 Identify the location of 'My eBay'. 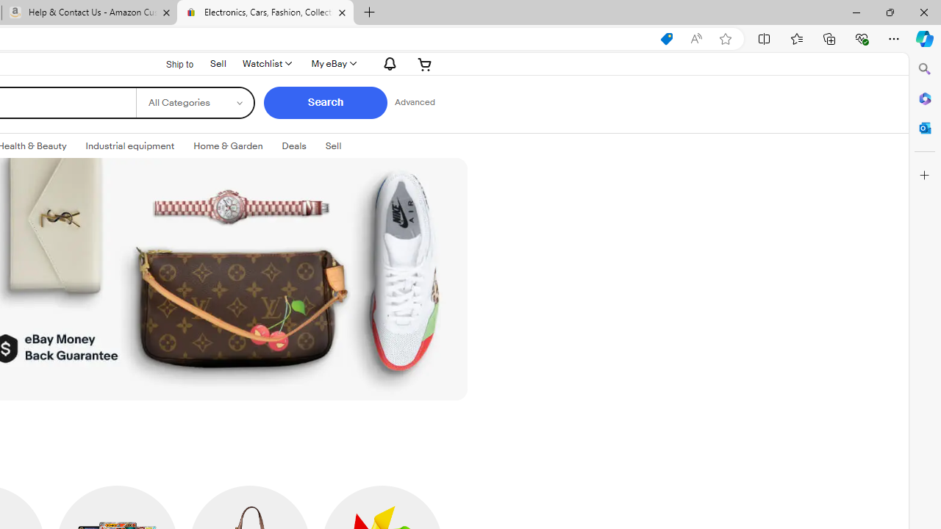
(332, 63).